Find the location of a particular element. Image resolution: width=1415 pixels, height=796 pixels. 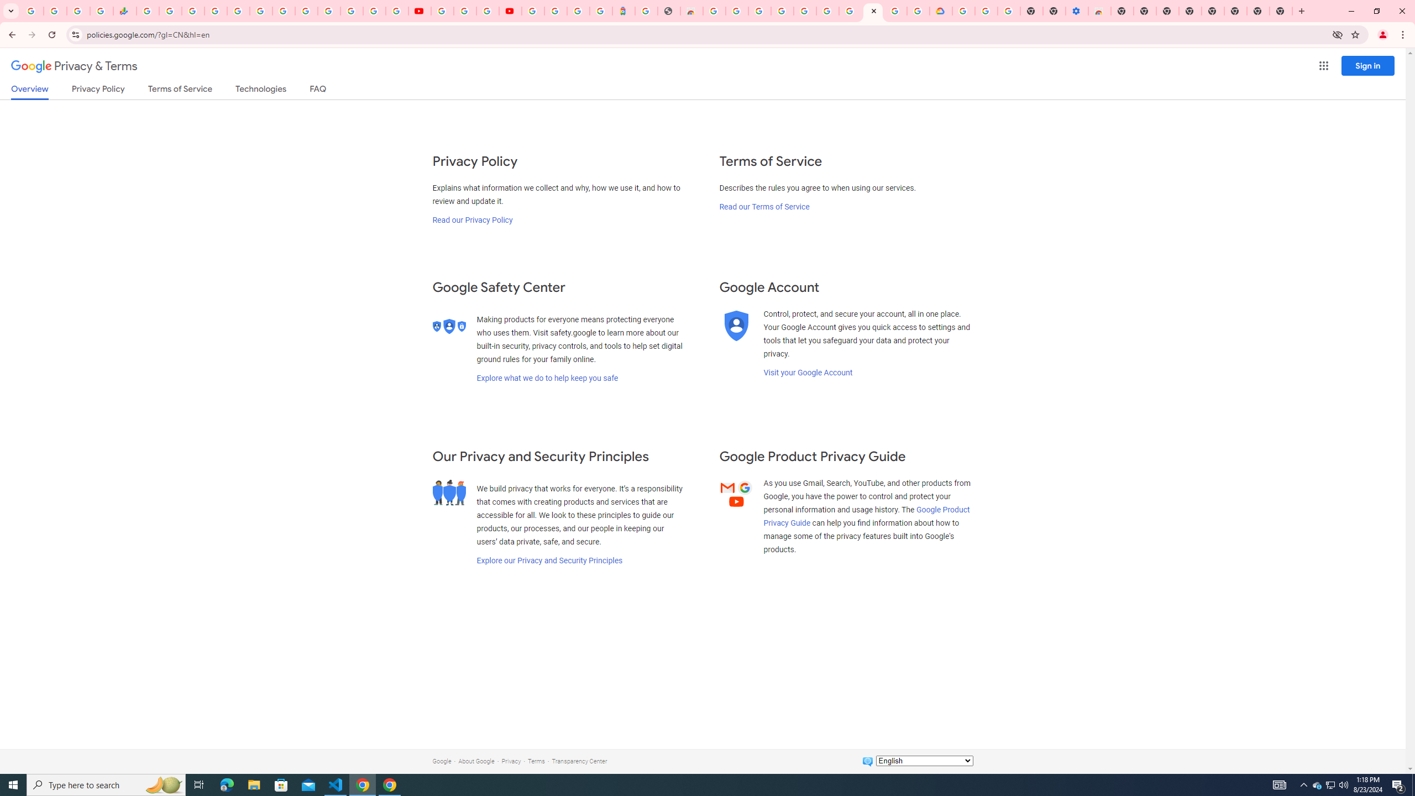

'New Tab' is located at coordinates (1281, 11).